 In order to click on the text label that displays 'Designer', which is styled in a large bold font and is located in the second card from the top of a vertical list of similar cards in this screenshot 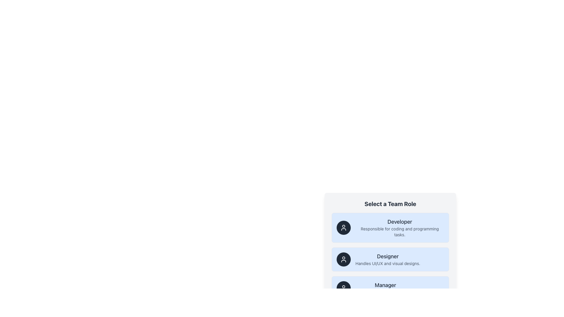, I will do `click(388, 256)`.